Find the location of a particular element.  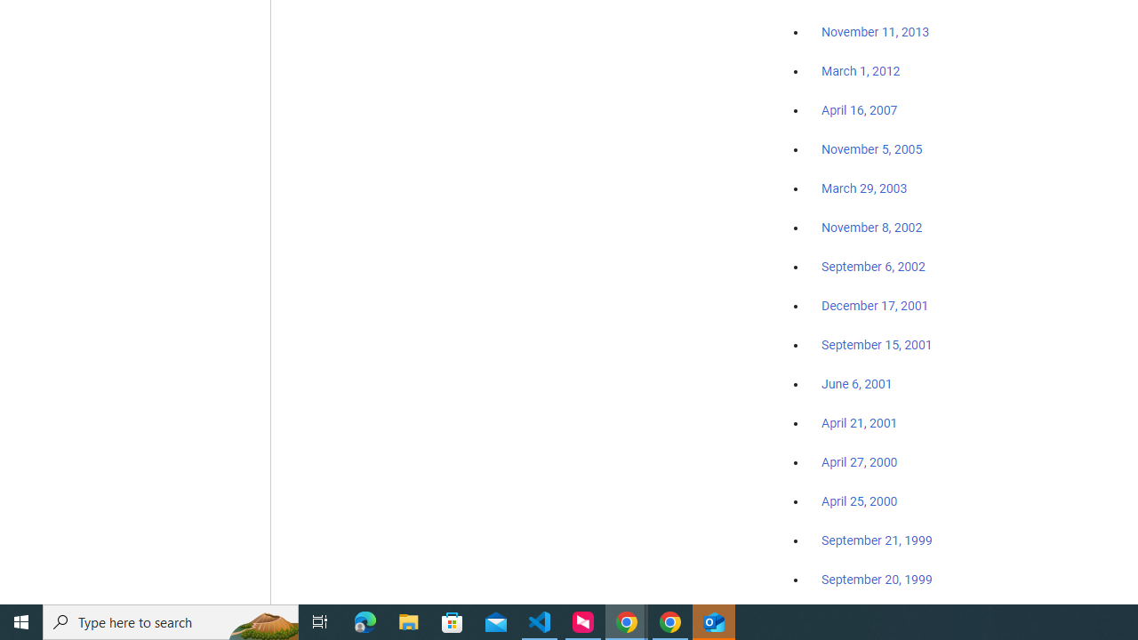

'November 5, 2005' is located at coordinates (872, 148).